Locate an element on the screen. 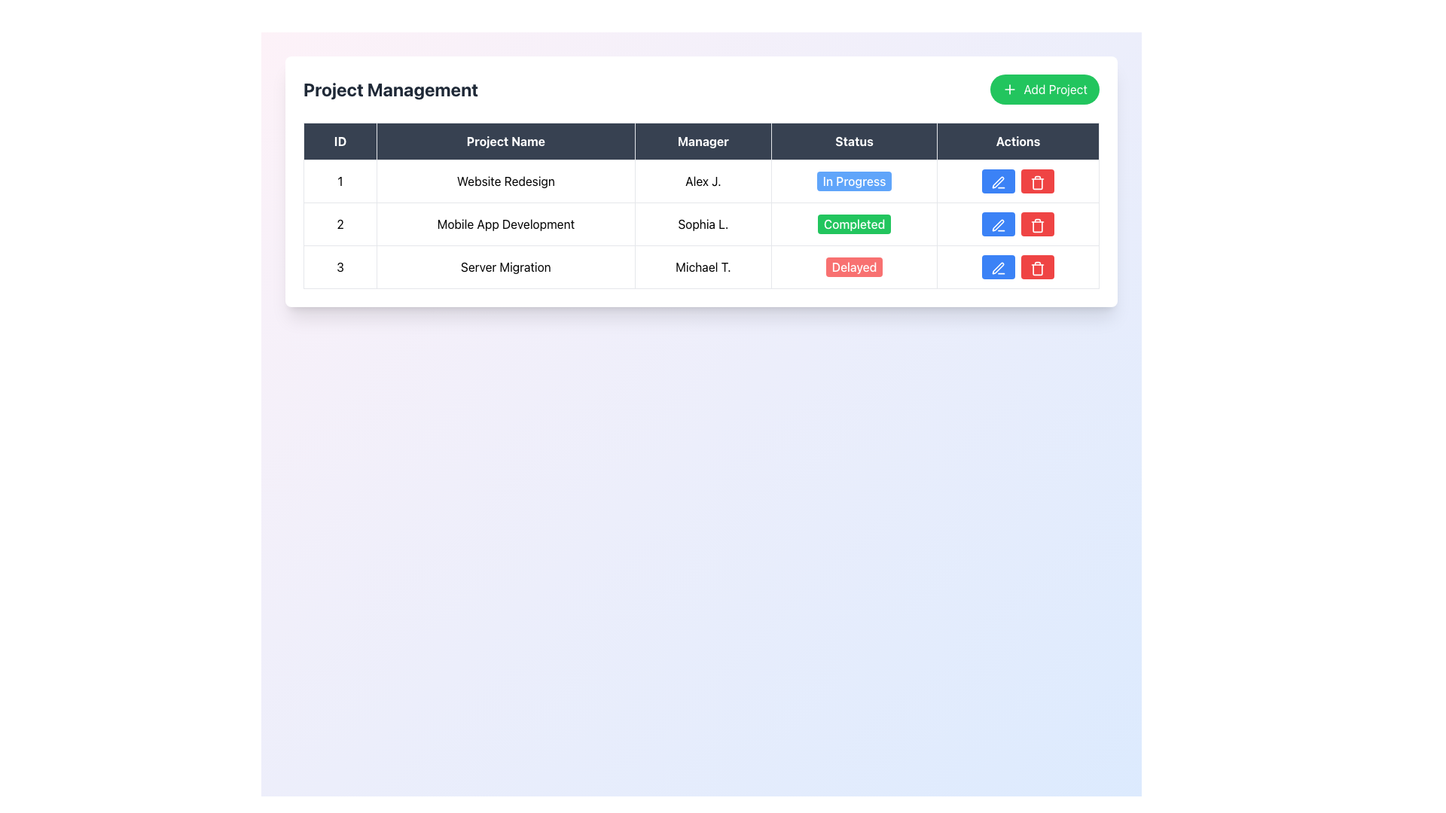  the text label in the second row and first column of the table, which represents an identifier or serial number for the corresponding row is located at coordinates (339, 224).